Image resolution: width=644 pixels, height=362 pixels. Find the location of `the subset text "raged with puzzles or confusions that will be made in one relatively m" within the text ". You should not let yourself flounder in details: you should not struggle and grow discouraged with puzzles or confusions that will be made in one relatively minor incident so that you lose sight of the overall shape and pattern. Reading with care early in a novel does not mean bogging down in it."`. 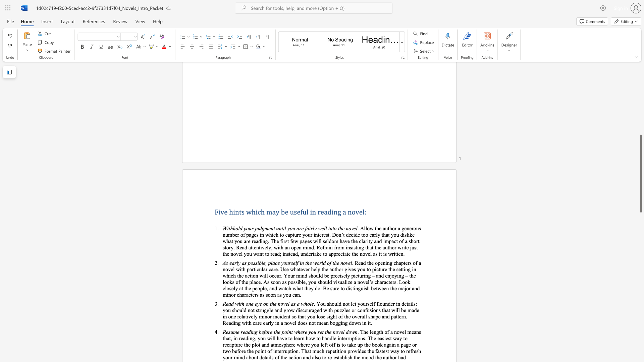

the subset text "raged with puzzles or confusions that will be made in one relatively m" within the text ". You should not let yourself flounder in details: you should not struggle and grow discouraged with puzzles or confusions that will be made in one relatively minor incident so that you lose sight of the overall shape and pattern. Reading with care early in a novel does not mean bogging down in it." is located at coordinates (310, 310).